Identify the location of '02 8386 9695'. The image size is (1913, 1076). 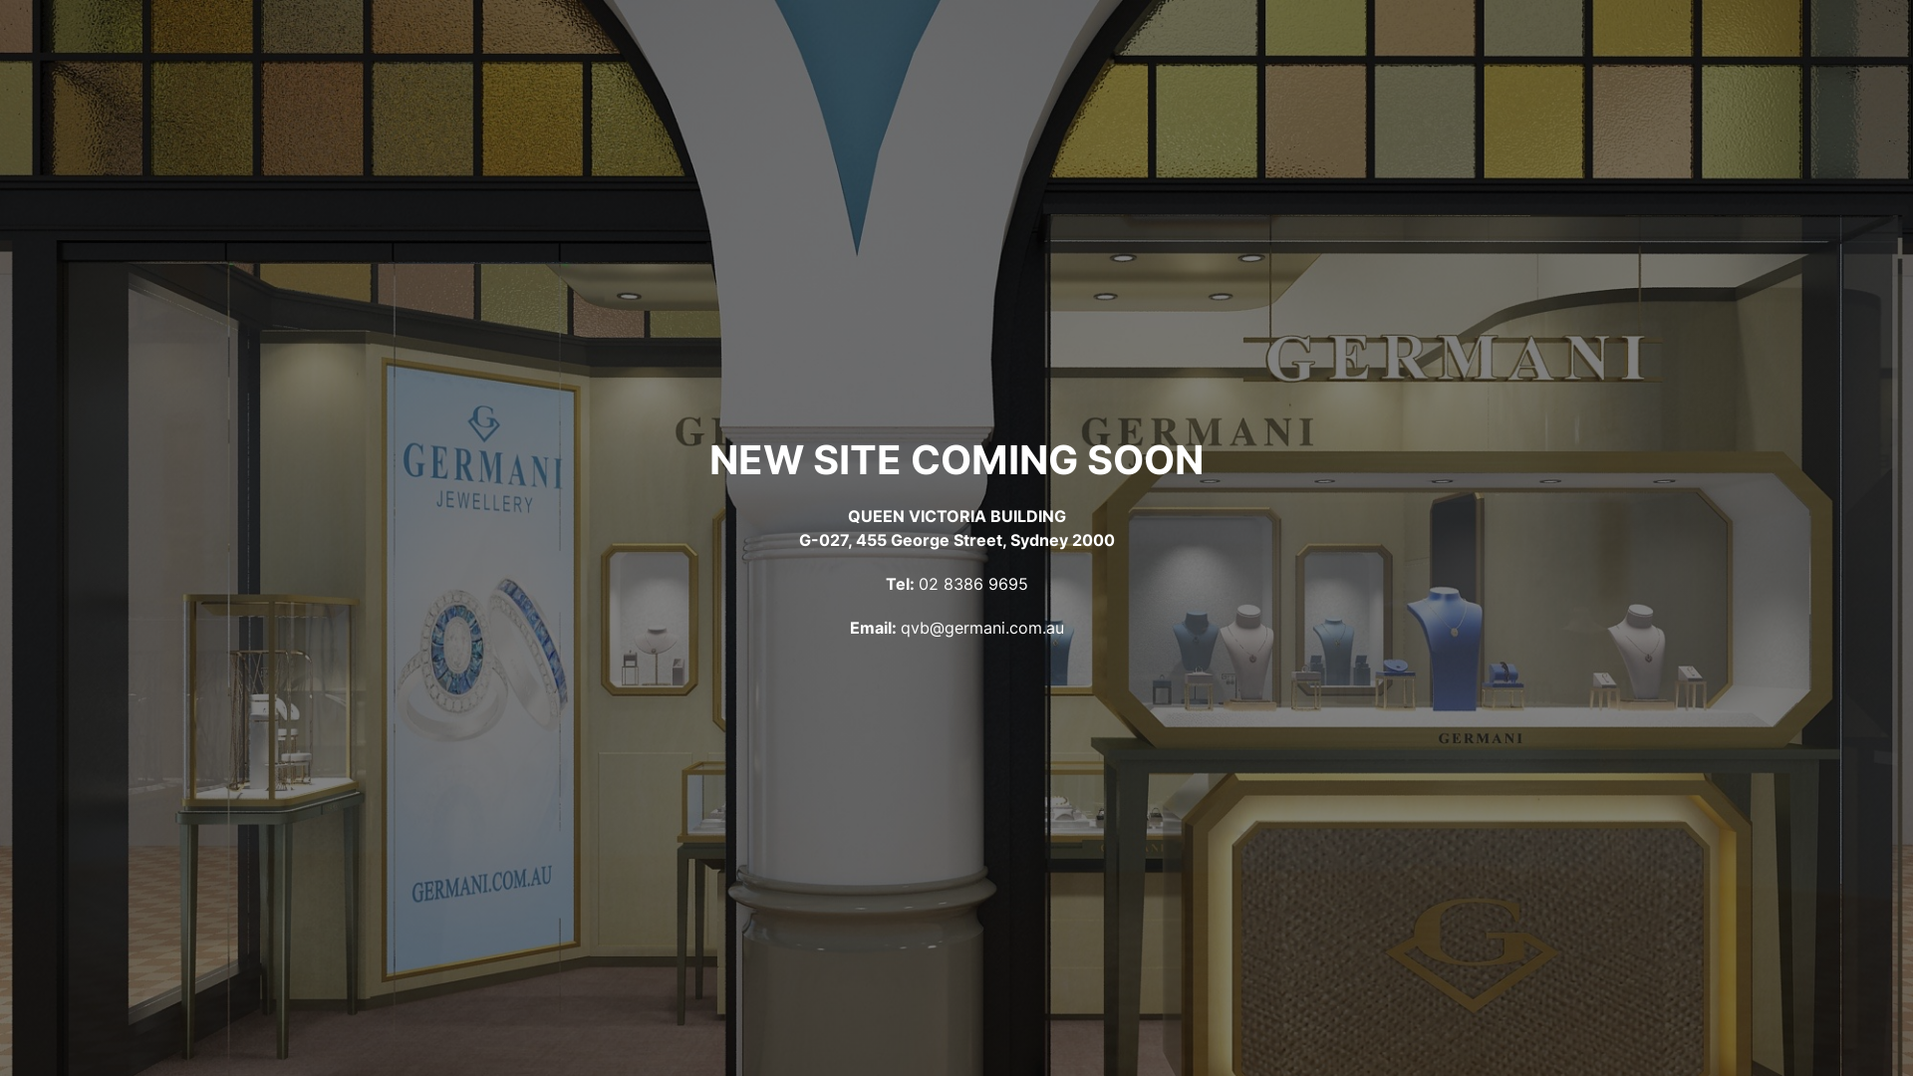
(973, 583).